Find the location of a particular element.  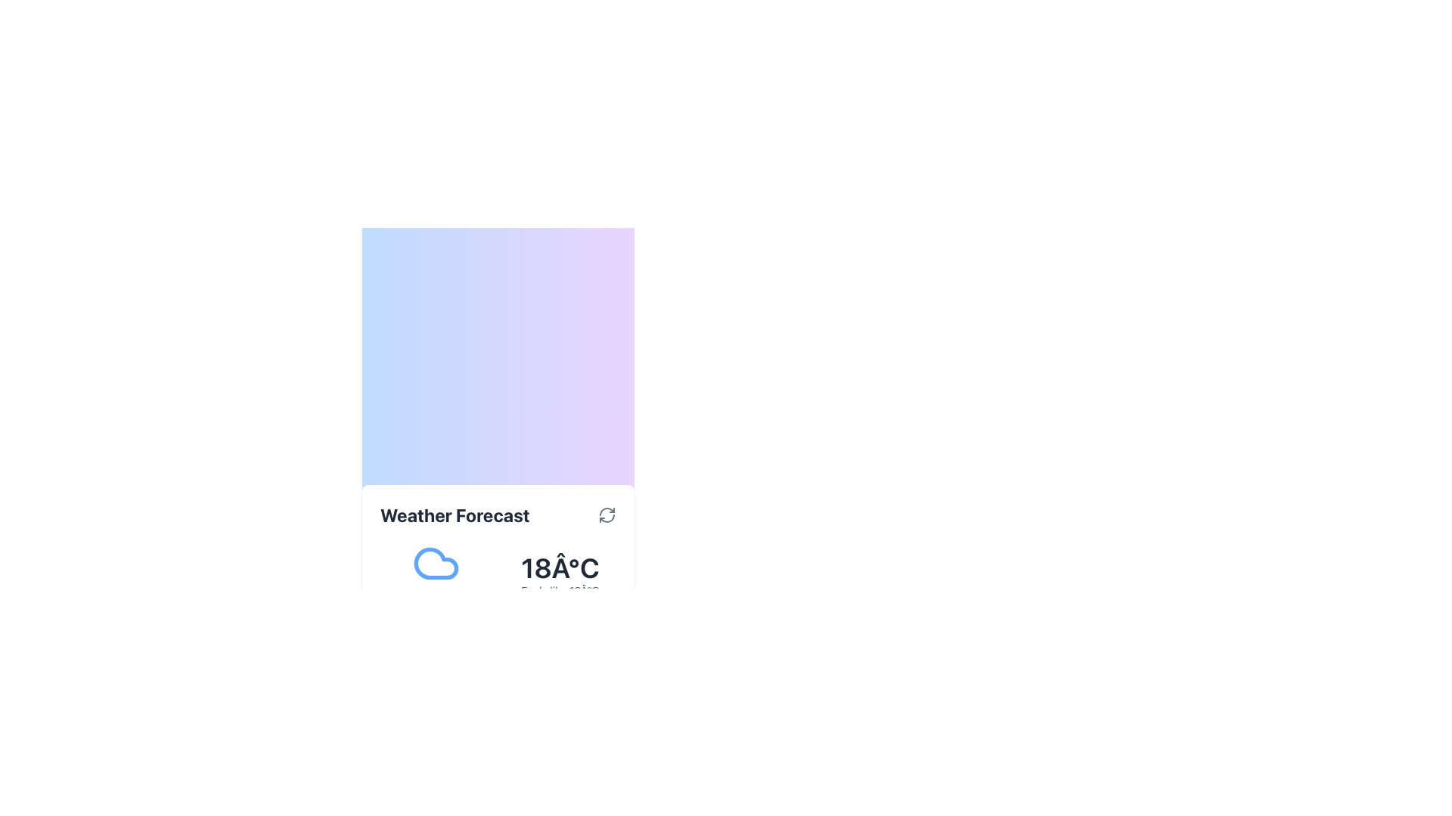

text from the 'feels like' temperature label located below the main temperature reading of '18°C' is located at coordinates (559, 590).